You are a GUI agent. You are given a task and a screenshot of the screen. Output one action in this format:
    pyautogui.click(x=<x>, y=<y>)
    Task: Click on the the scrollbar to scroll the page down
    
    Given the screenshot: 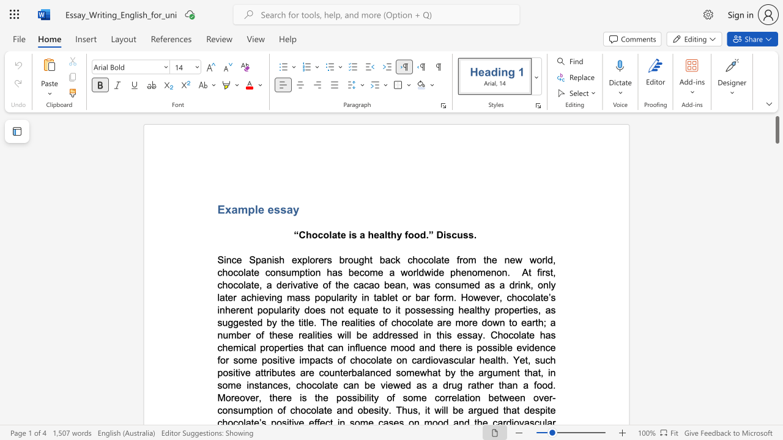 What is the action you would take?
    pyautogui.click(x=776, y=385)
    